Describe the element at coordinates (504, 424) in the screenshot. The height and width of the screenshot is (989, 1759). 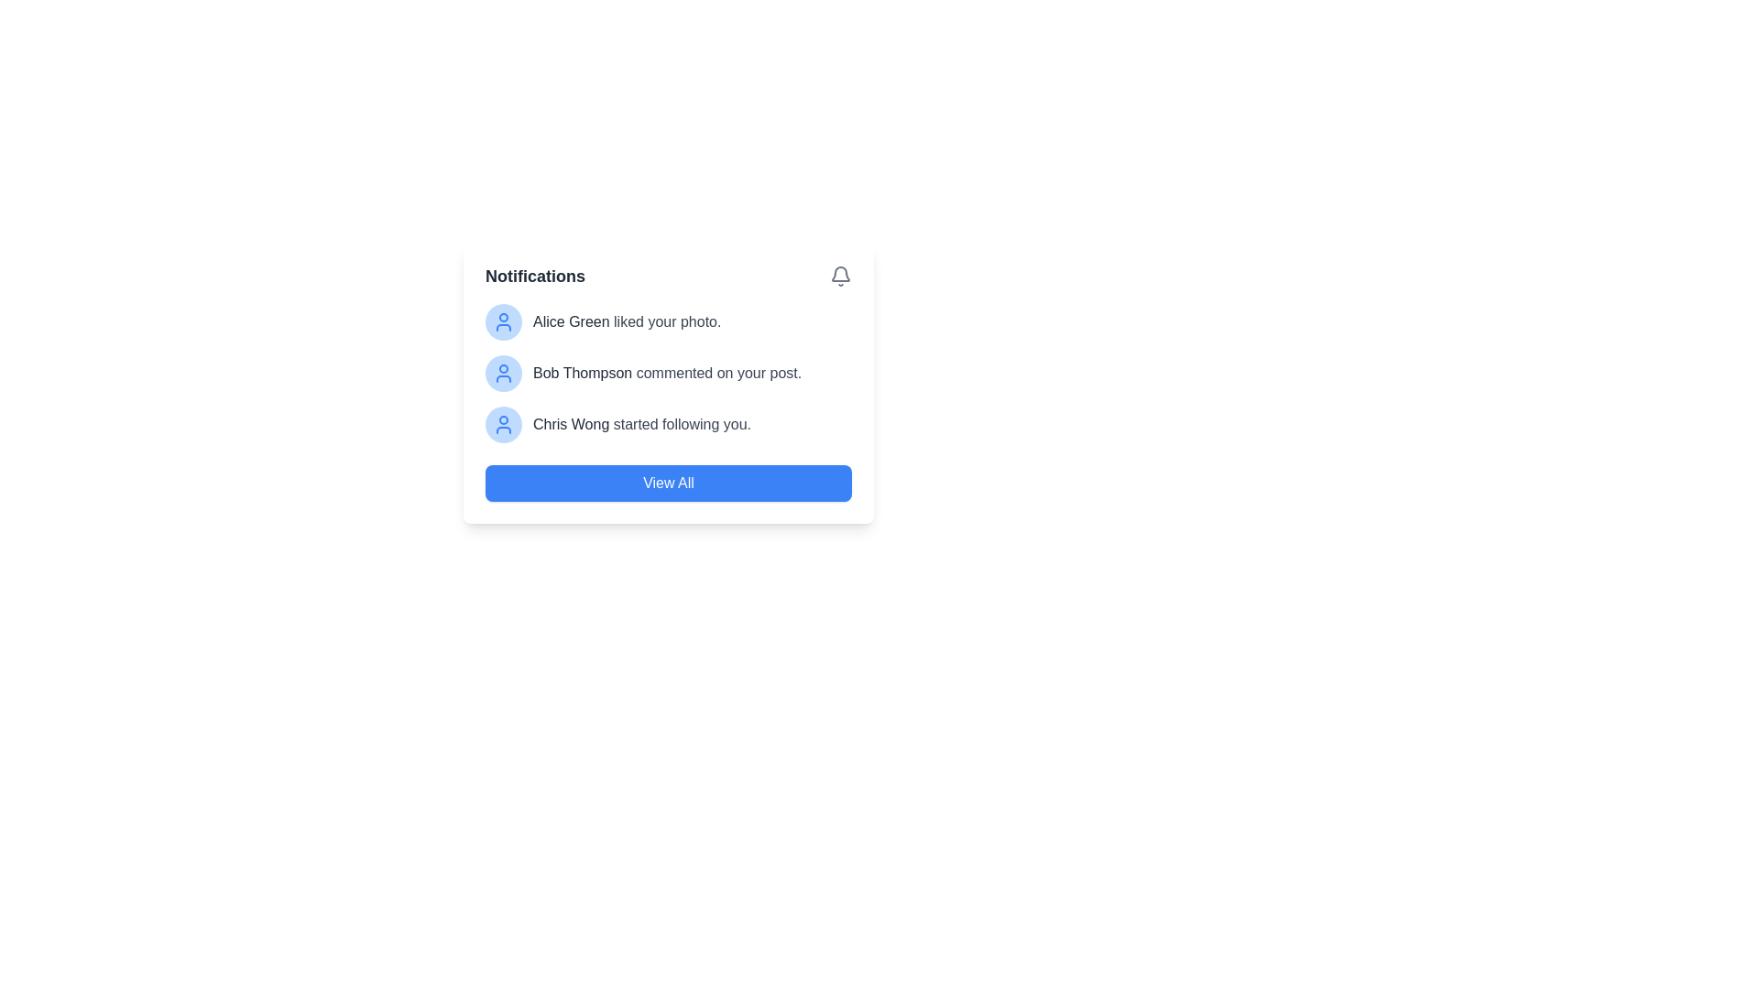
I see `the circular icon with a light blue background and a user silhouette in blue, which represents a placeholder or an avatar, located at the leftmost part of the notification row labeled 'Chris Wong started following you'` at that location.